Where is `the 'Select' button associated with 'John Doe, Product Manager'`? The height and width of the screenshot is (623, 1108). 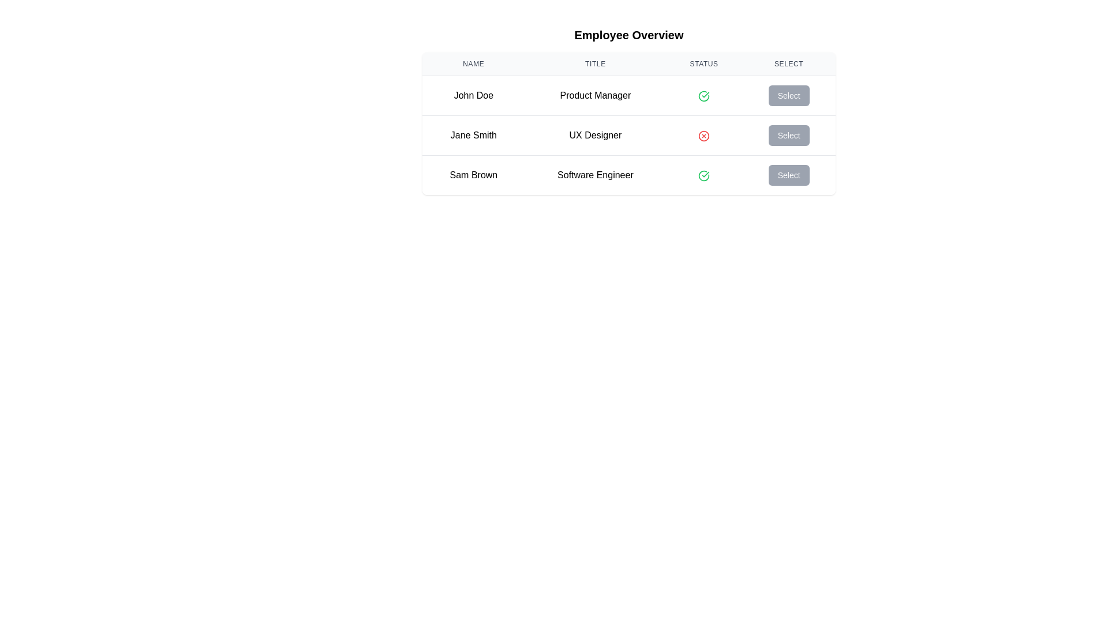 the 'Select' button associated with 'John Doe, Product Manager' is located at coordinates (788, 95).